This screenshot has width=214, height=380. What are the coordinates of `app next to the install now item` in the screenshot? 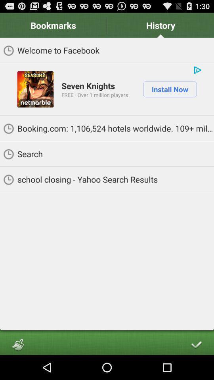 It's located at (95, 95).